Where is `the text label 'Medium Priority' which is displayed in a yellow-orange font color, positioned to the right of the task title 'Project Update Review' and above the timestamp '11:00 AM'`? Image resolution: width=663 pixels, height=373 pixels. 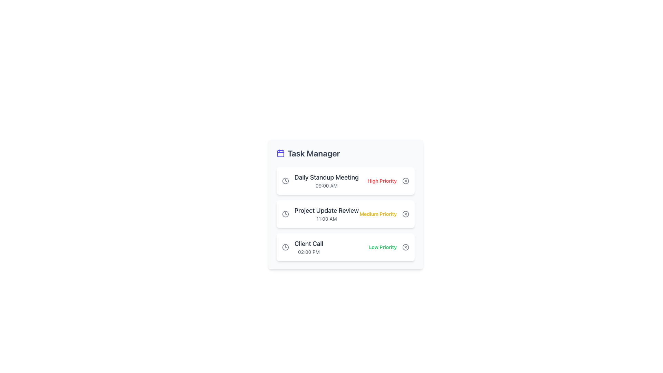
the text label 'Medium Priority' which is displayed in a yellow-orange font color, positioned to the right of the task title 'Project Update Review' and above the timestamp '11:00 AM' is located at coordinates (378, 214).